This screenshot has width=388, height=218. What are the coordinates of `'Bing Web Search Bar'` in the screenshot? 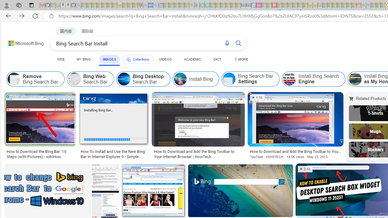 It's located at (90, 79).